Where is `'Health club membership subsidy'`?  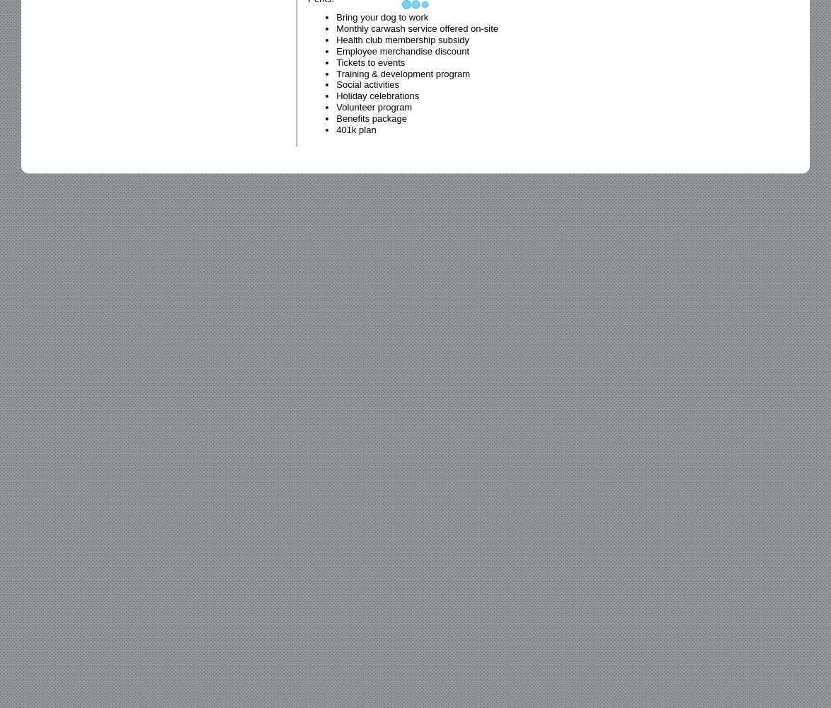 'Health club membership subsidy' is located at coordinates (402, 39).